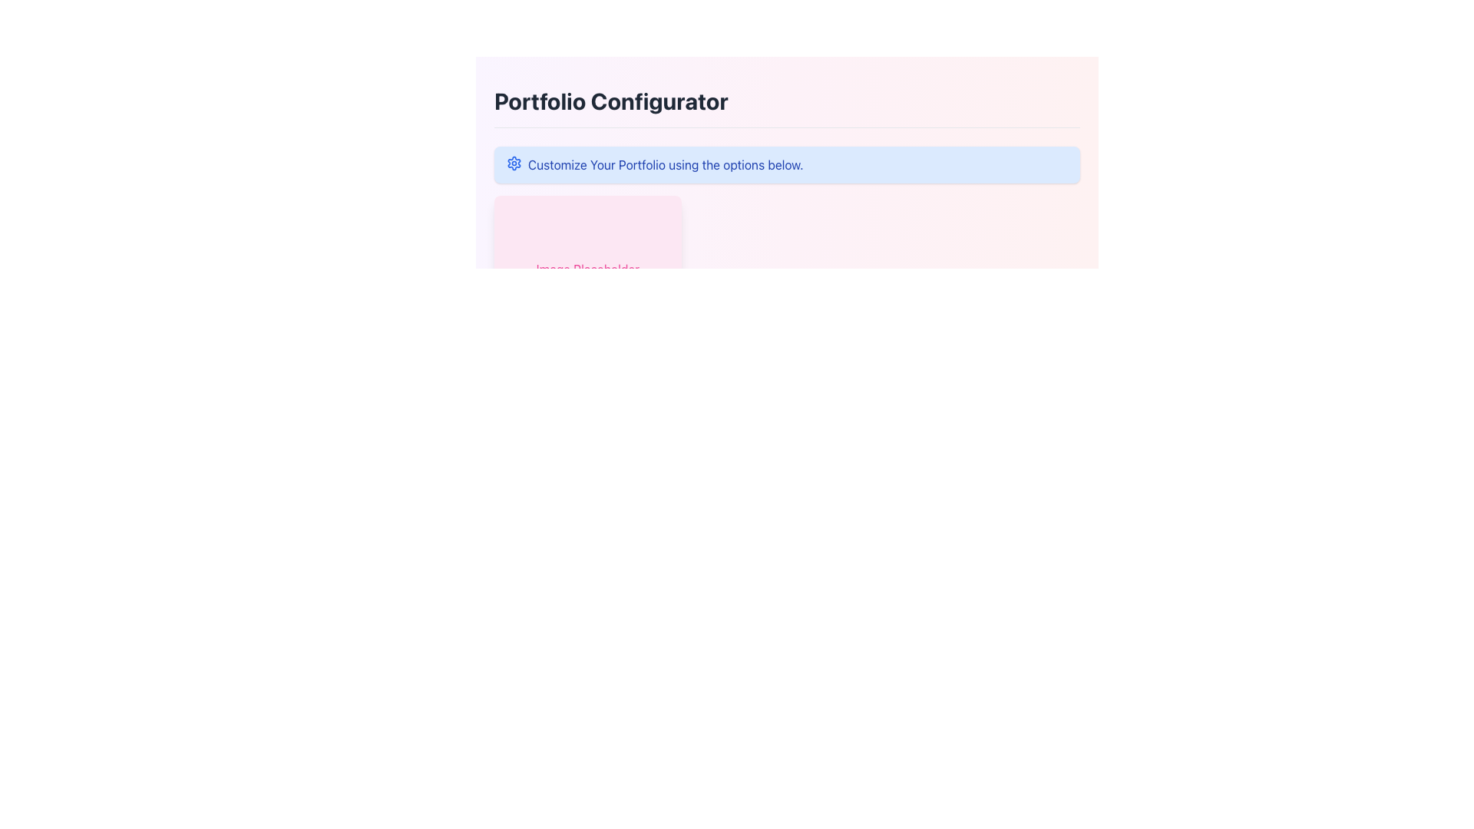 The width and height of the screenshot is (1474, 829). What do you see at coordinates (514, 163) in the screenshot?
I see `the cogwheel icon representing settings, which is styled with a blue accent and located to the left of the 'Customize Your Portfolio using the options below' text` at bounding box center [514, 163].